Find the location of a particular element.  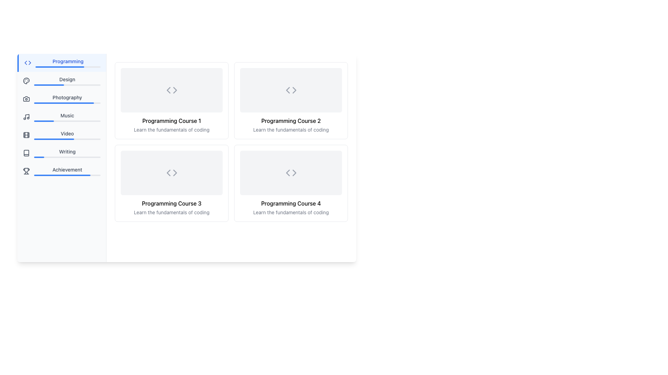

the 'Writing' text label is located at coordinates (67, 151).